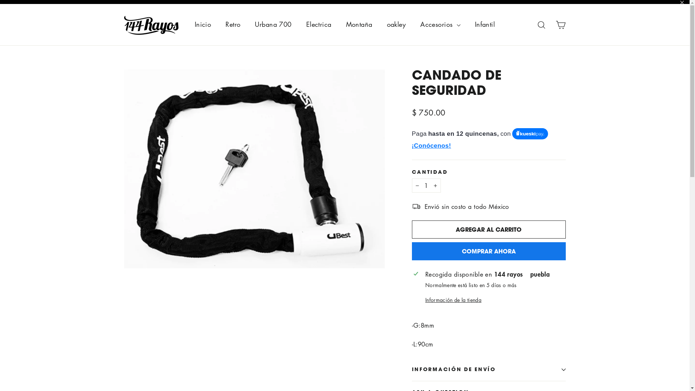 The width and height of the screenshot is (695, 391). What do you see at coordinates (542, 24) in the screenshot?
I see `'icon-search` at bounding box center [542, 24].